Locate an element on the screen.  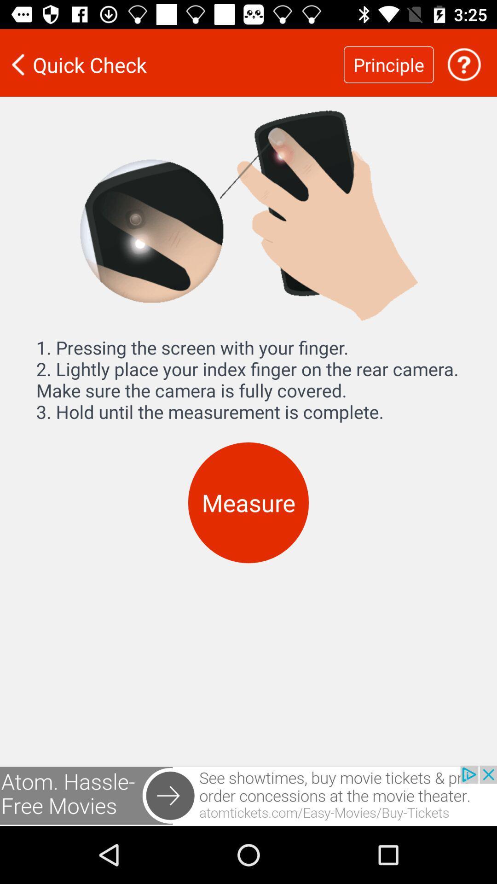
advertisement is located at coordinates (248, 795).